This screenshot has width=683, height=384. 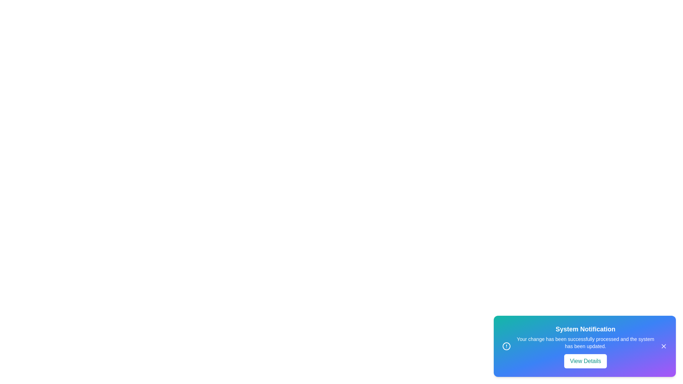 What do you see at coordinates (506, 346) in the screenshot?
I see `the informational icon in the snackbar` at bounding box center [506, 346].